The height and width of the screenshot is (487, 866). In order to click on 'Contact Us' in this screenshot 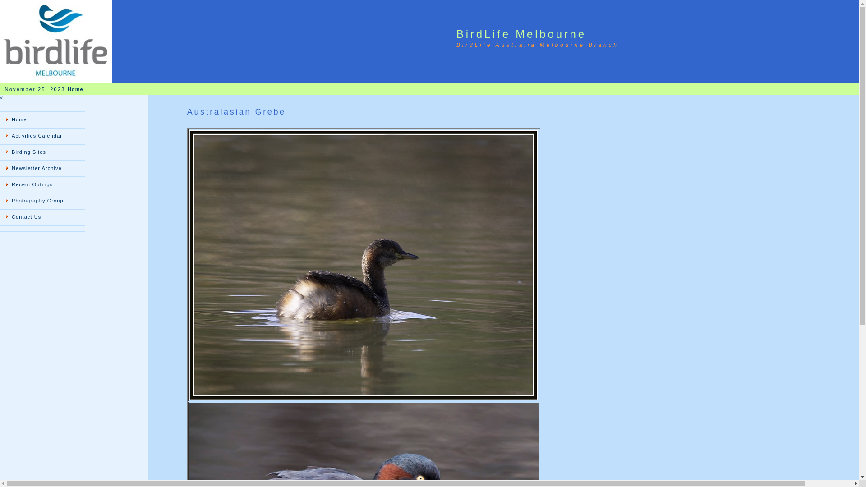, I will do `click(42, 217)`.